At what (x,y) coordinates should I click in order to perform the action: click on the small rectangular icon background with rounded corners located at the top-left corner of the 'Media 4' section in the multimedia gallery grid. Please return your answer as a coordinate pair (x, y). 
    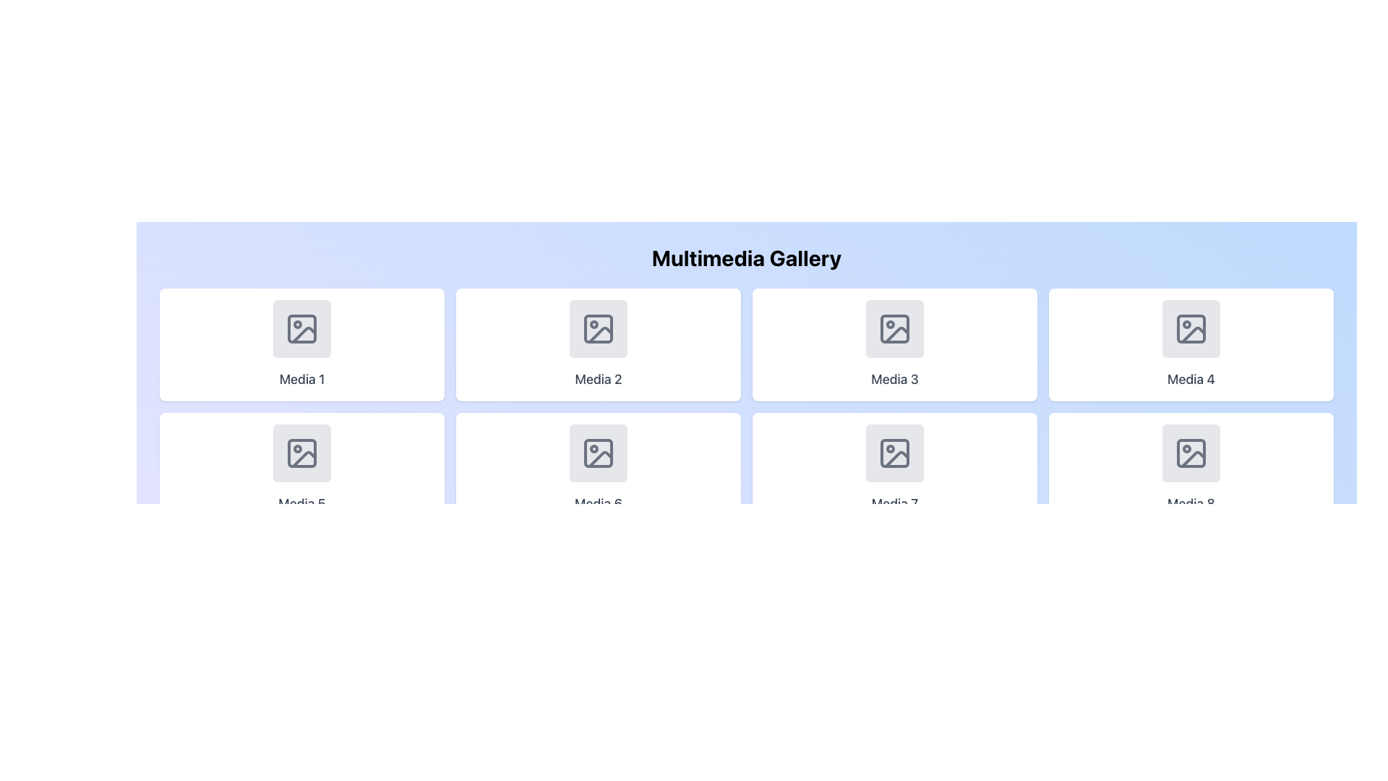
    Looking at the image, I should click on (1191, 329).